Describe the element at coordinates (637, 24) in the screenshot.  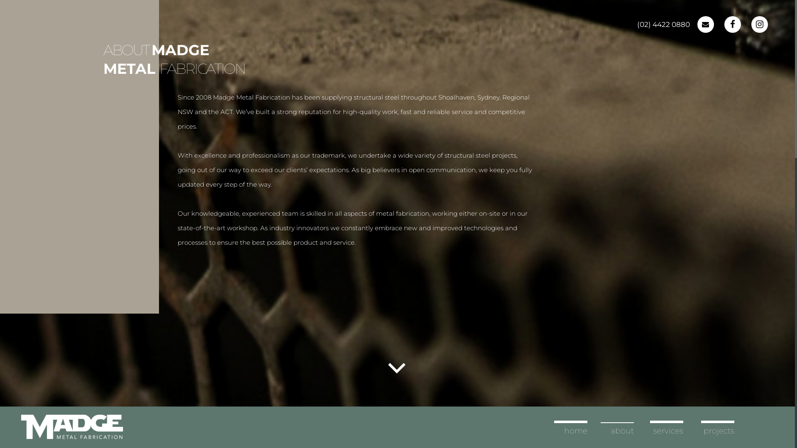
I see `'(02) 4422 0880'` at that location.